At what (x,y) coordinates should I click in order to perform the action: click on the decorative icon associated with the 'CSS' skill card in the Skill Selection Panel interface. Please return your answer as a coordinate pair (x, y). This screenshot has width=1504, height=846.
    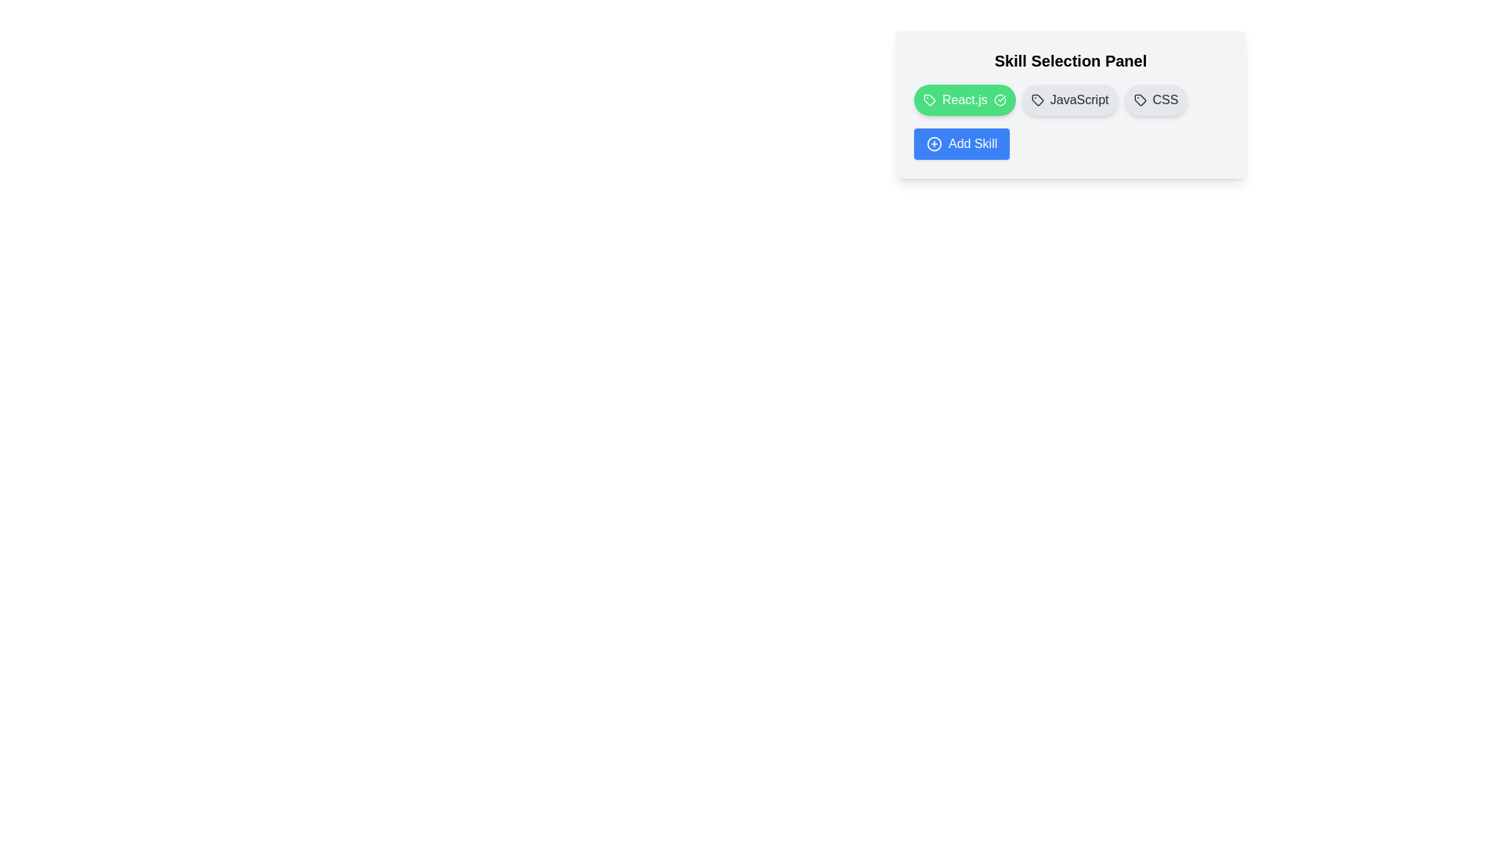
    Looking at the image, I should click on (1140, 99).